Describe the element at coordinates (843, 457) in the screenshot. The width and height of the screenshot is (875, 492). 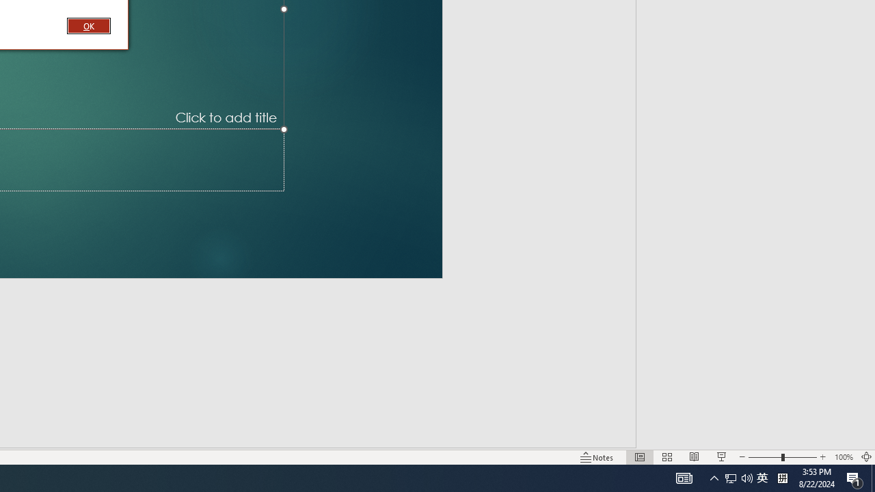
I see `'Zoom 100%'` at that location.